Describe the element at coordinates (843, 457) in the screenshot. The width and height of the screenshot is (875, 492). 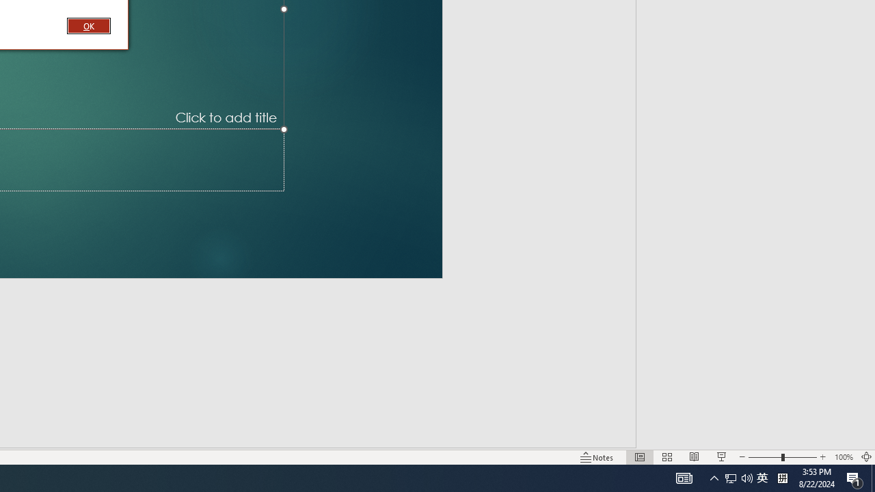
I see `'Zoom 100%'` at that location.